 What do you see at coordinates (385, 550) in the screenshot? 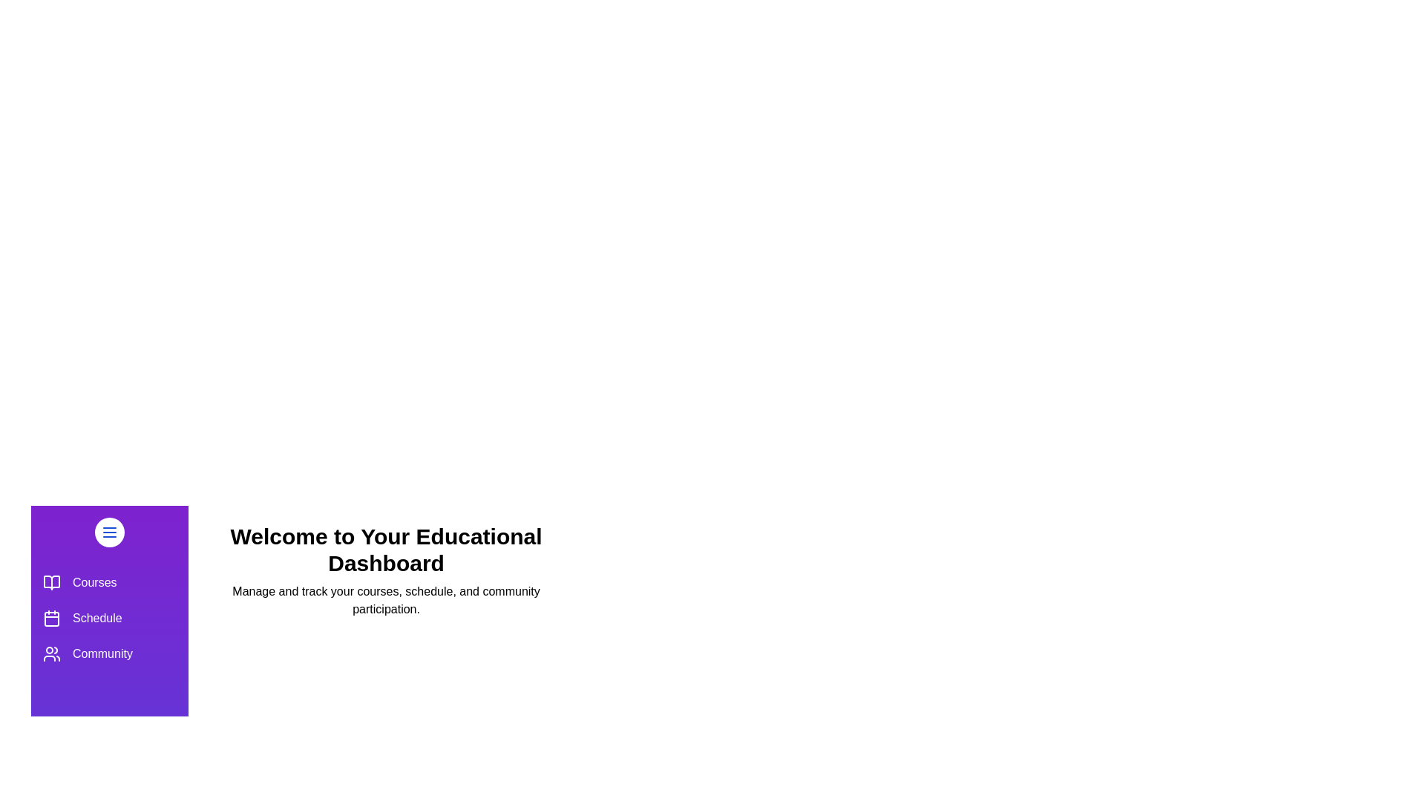
I see `the 'Welcome to Your Educational Dashboard' title to inspect it` at bounding box center [385, 550].